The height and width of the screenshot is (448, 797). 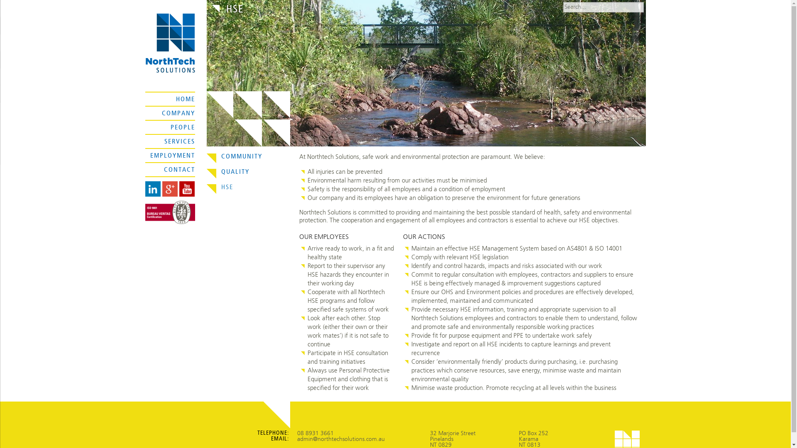 I want to click on 'admin@northtechsolutions.com.au', so click(x=341, y=439).